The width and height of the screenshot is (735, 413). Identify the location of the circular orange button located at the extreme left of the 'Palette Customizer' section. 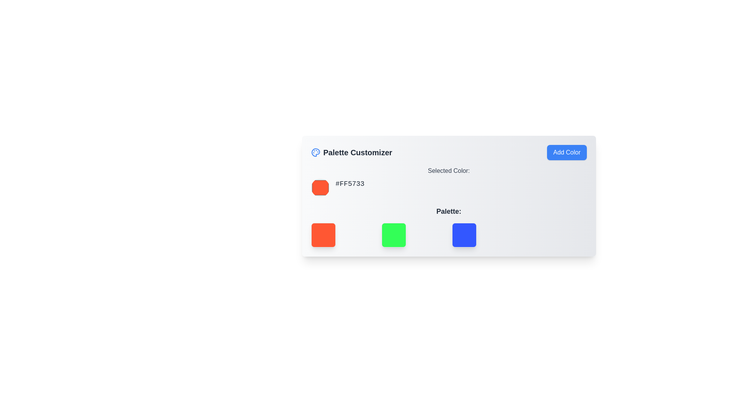
(320, 187).